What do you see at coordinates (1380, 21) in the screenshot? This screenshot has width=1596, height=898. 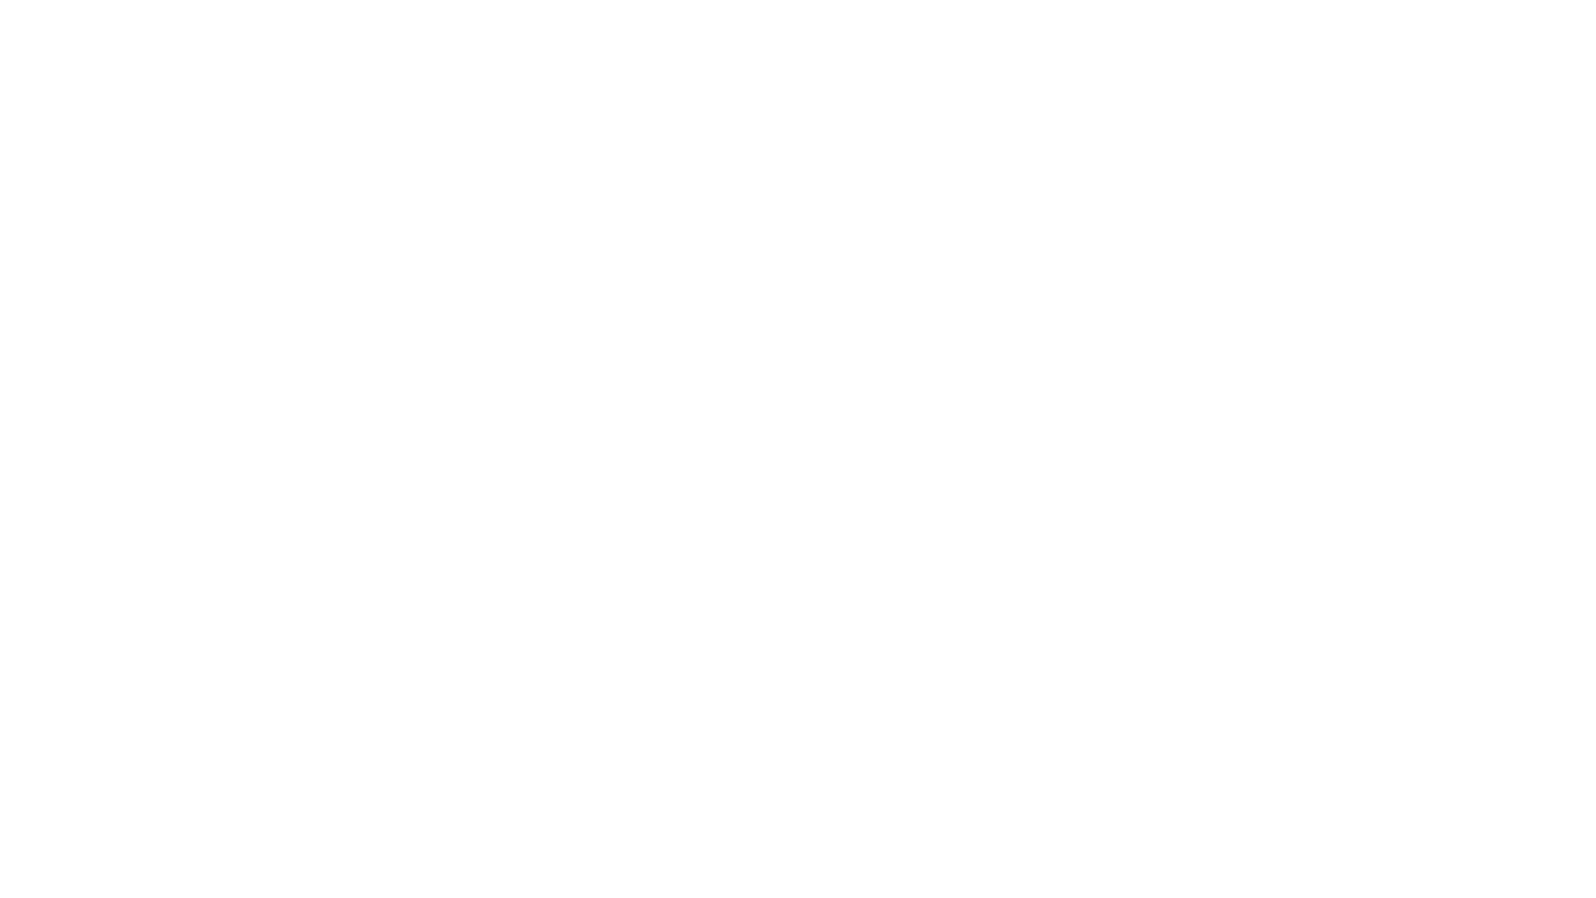 I see `Sign In` at bounding box center [1380, 21].